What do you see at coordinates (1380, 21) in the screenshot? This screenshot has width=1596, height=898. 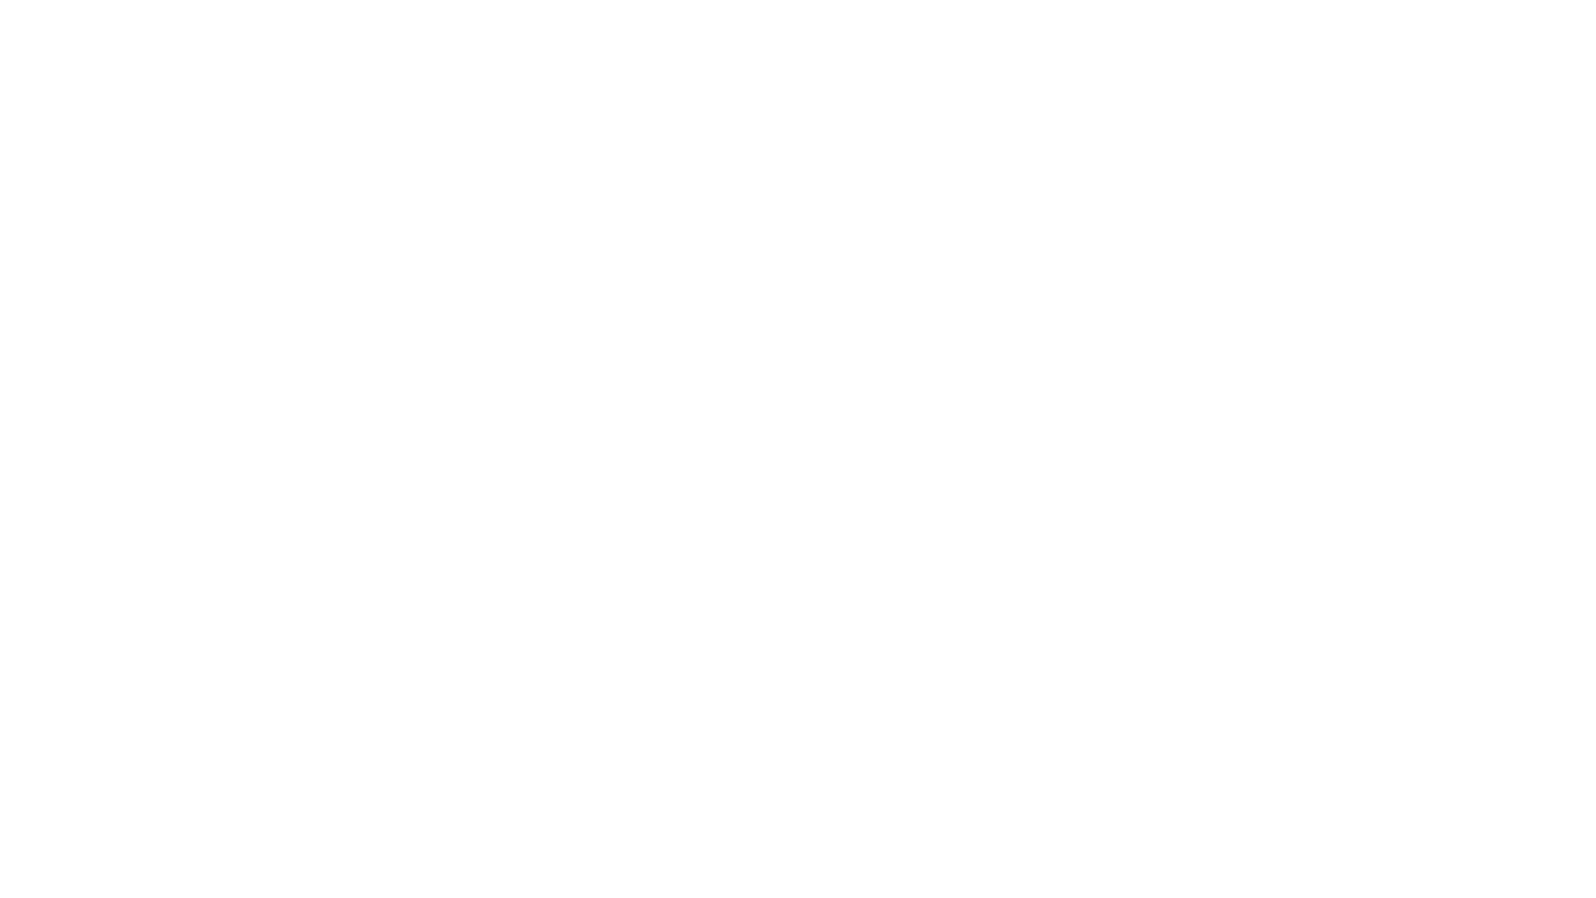 I see `Sign In` at bounding box center [1380, 21].